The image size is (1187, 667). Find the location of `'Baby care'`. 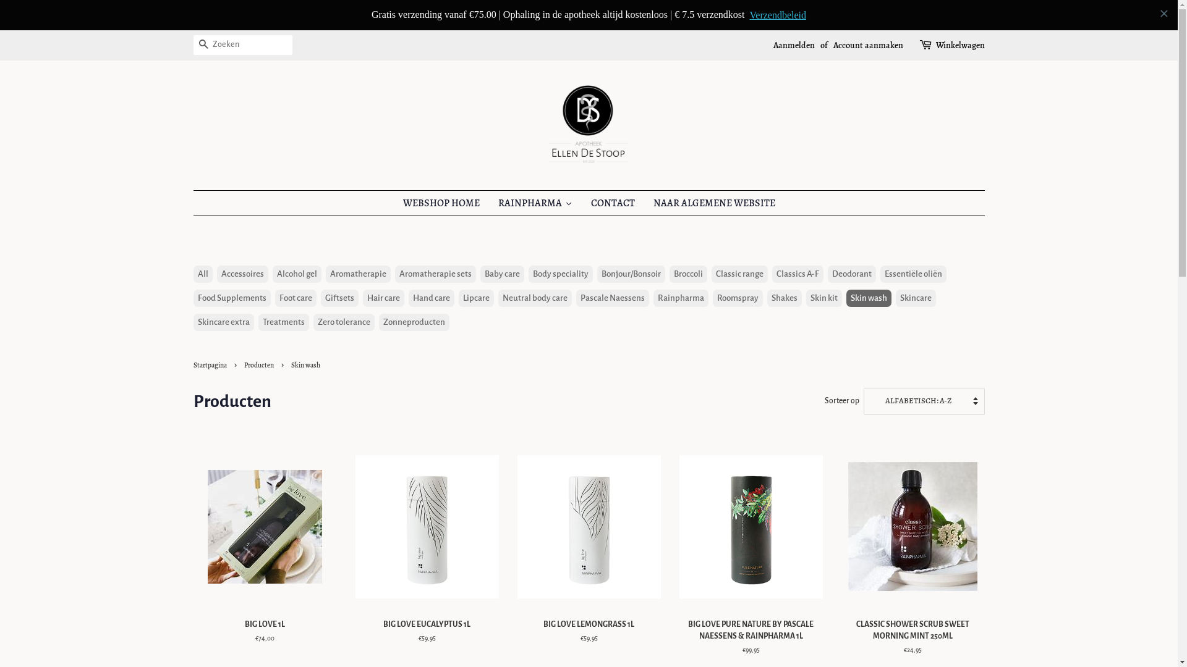

'Baby care' is located at coordinates (479, 245).